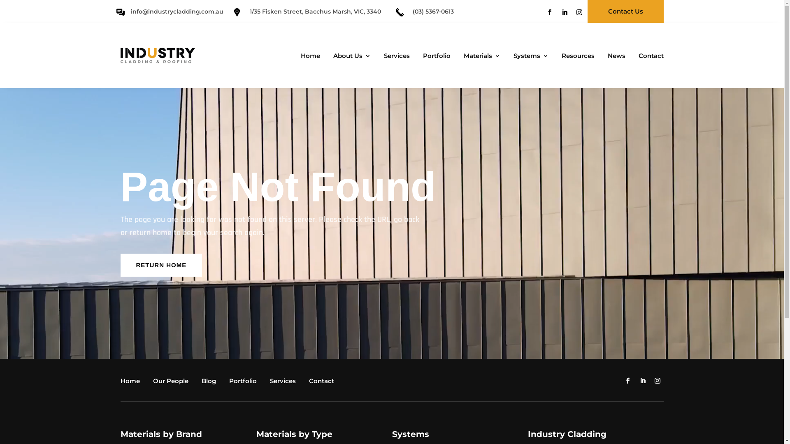 The width and height of the screenshot is (790, 444). Describe the element at coordinates (579, 12) in the screenshot. I see `'Follow on Instagram'` at that location.